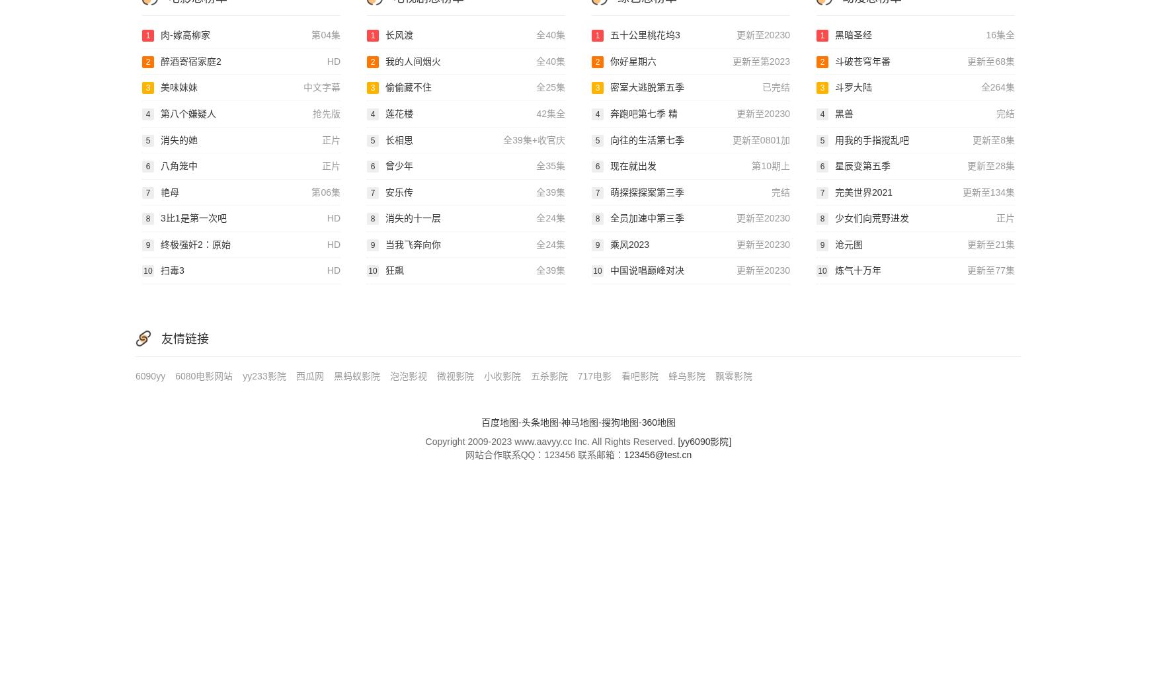 The image size is (1157, 679). What do you see at coordinates (551, 165) in the screenshot?
I see `'全35集'` at bounding box center [551, 165].